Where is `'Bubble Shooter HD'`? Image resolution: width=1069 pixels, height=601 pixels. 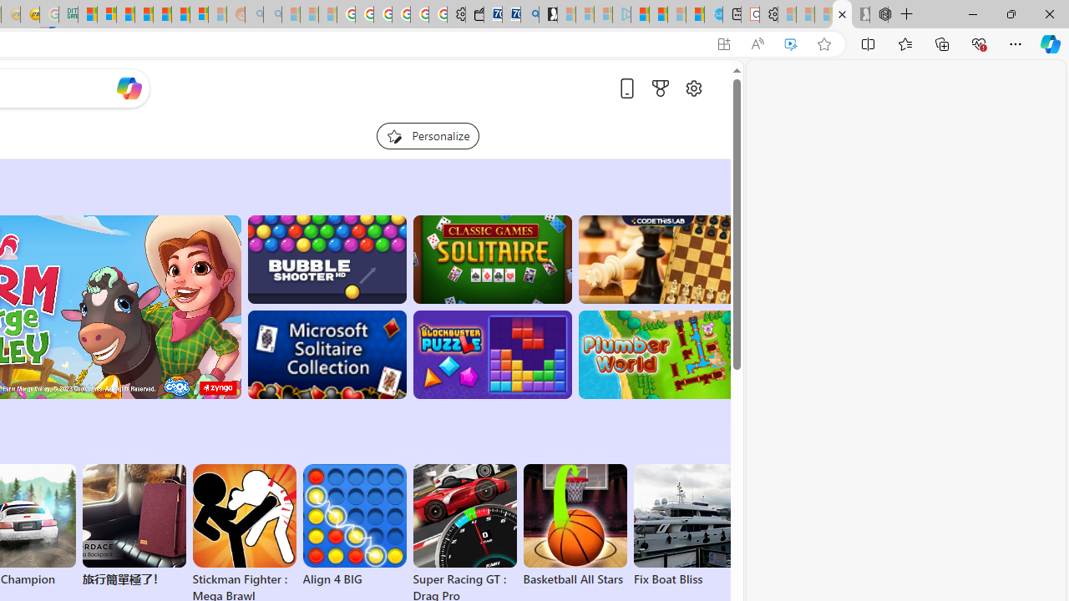
'Bubble Shooter HD' is located at coordinates (327, 260).